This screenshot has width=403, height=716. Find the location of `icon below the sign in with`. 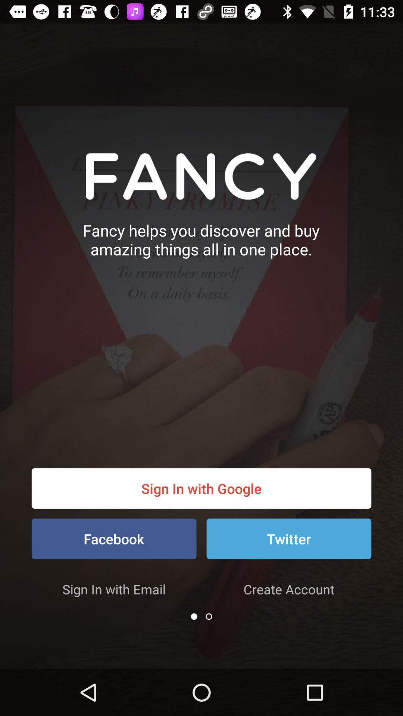

icon below the sign in with is located at coordinates (194, 616).